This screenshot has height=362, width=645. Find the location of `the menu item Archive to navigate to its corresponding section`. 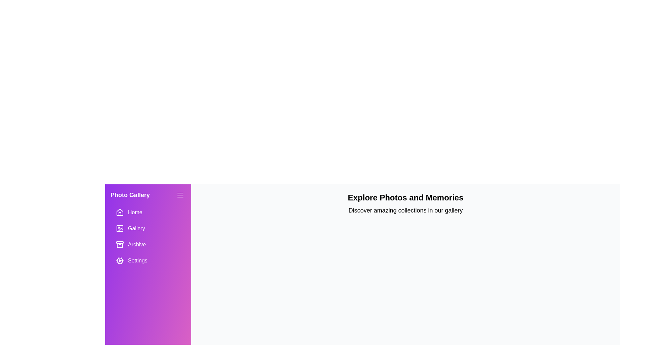

the menu item Archive to navigate to its corresponding section is located at coordinates (148, 244).